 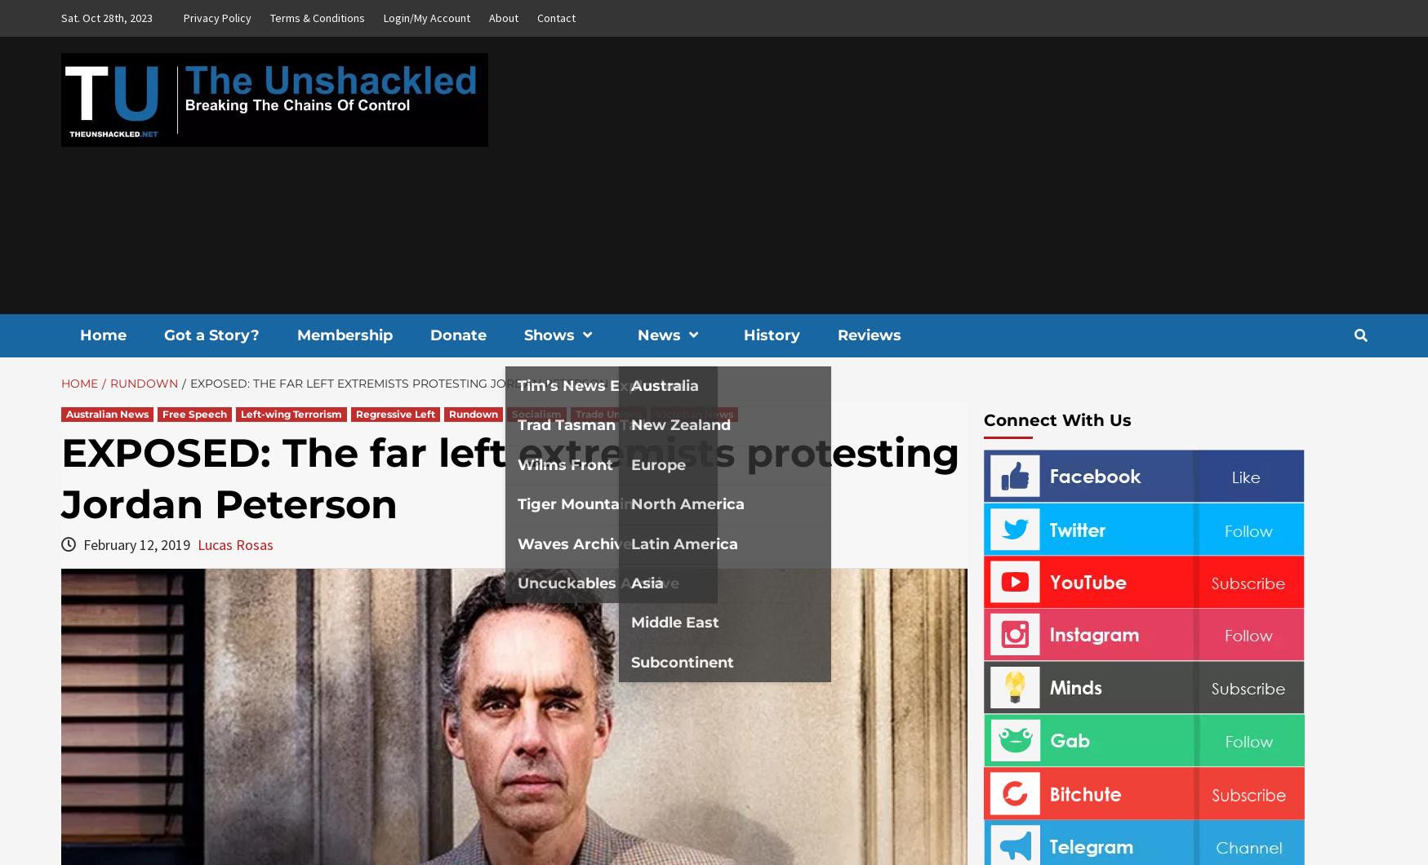 I want to click on 'Sat. Oct 28th, 2023', so click(x=105, y=18).